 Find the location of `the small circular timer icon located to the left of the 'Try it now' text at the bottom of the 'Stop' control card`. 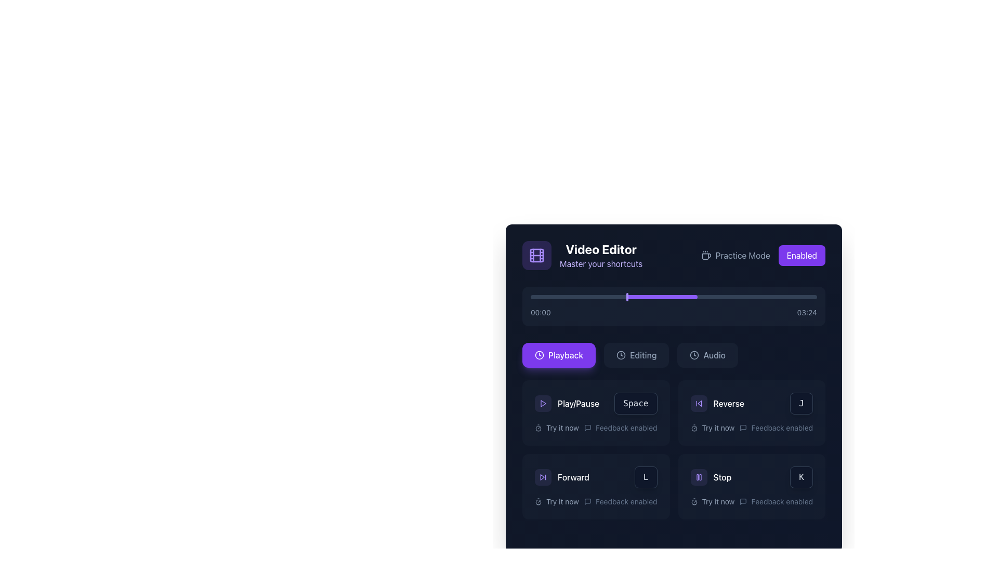

the small circular timer icon located to the left of the 'Try it now' text at the bottom of the 'Stop' control card is located at coordinates (694, 501).